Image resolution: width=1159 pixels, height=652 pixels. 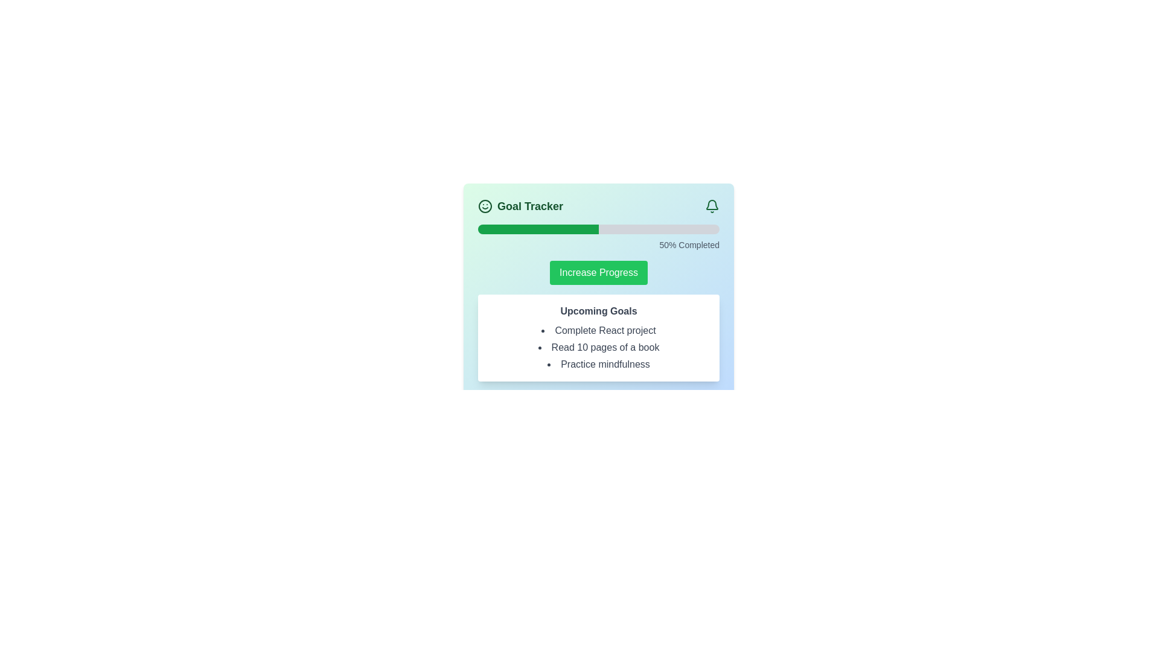 I want to click on the text element that says 'Complete React project', which is the first item in the vertical list under the heading 'Upcoming Goals', so click(x=599, y=330).